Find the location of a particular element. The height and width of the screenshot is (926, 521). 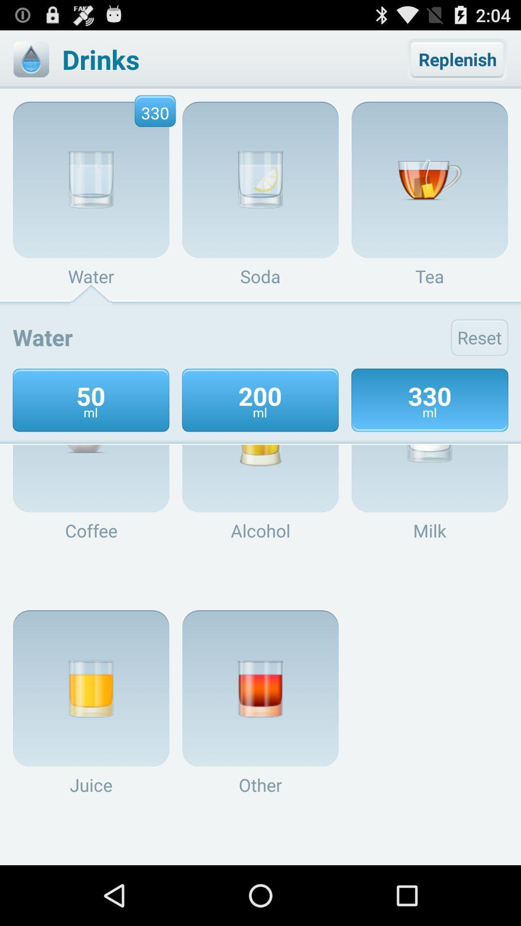

the image above other is located at coordinates (260, 687).